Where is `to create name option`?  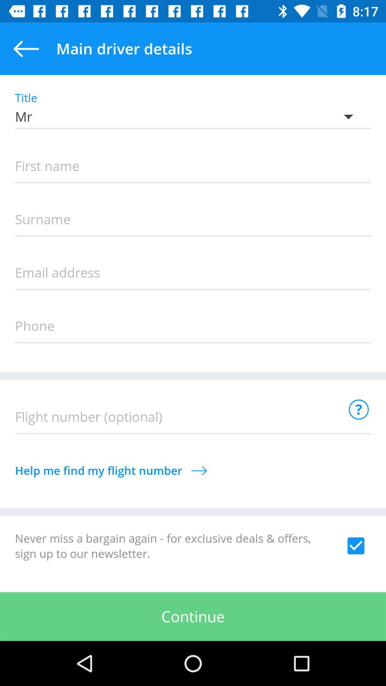 to create name option is located at coordinates (193, 166).